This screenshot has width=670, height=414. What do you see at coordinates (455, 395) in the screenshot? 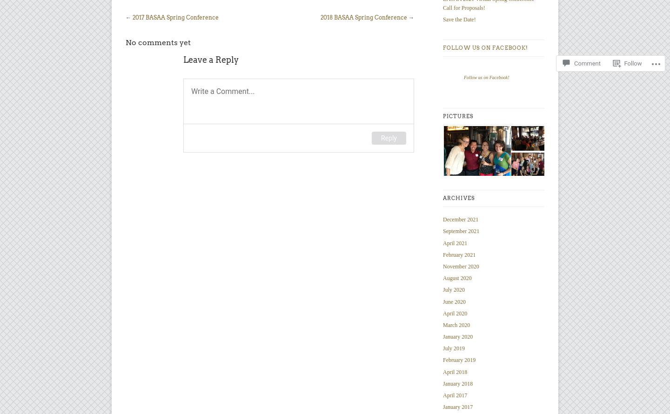
I see `'April 2017'` at bounding box center [455, 395].